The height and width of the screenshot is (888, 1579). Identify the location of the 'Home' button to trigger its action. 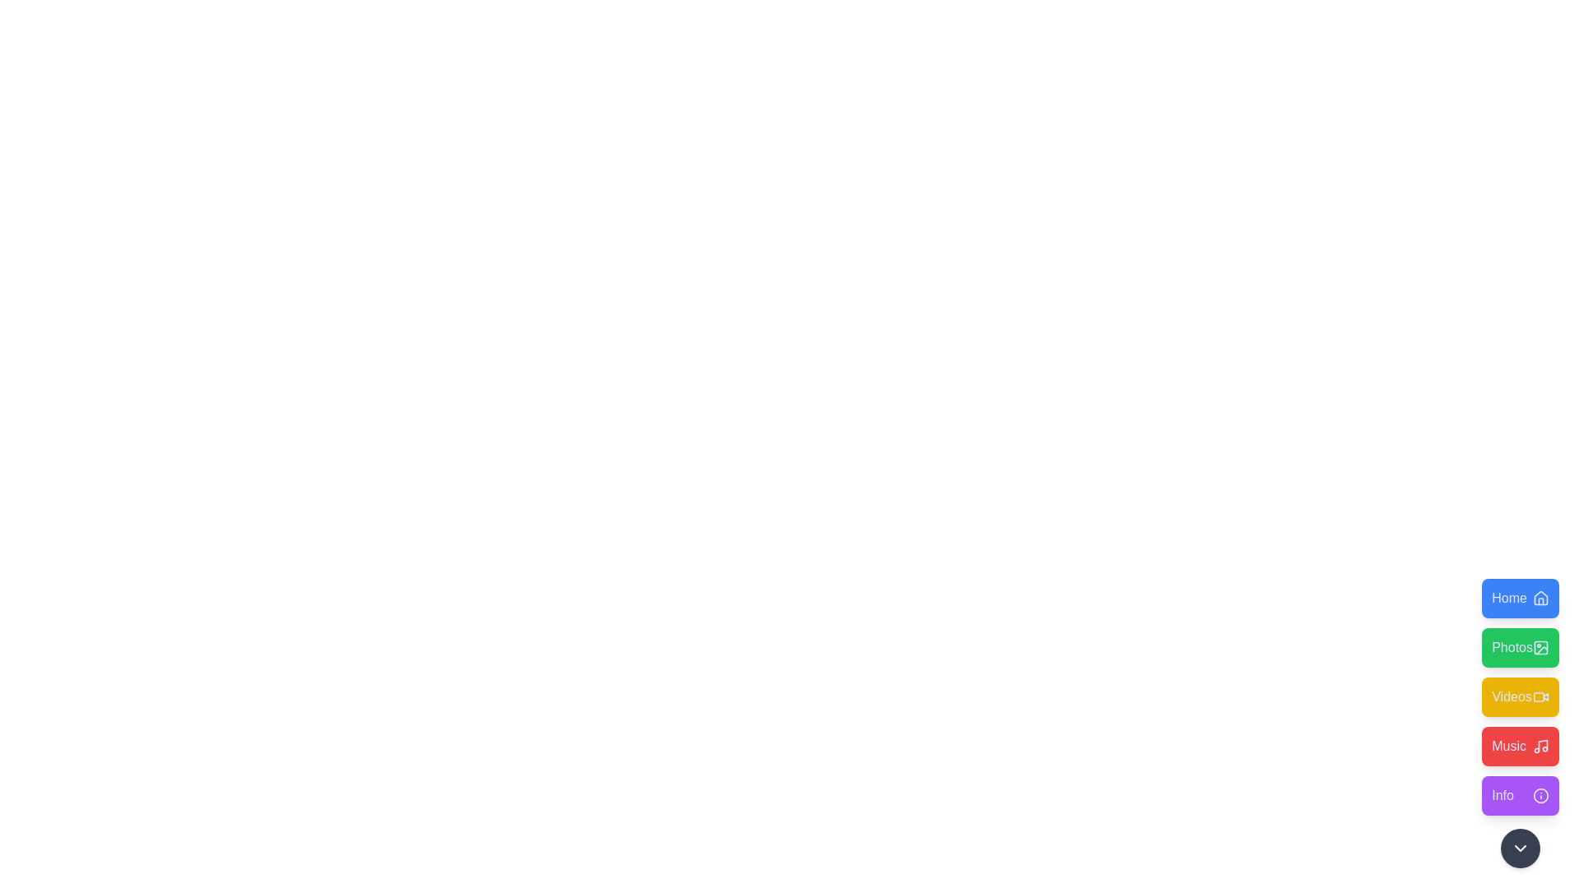
(1520, 599).